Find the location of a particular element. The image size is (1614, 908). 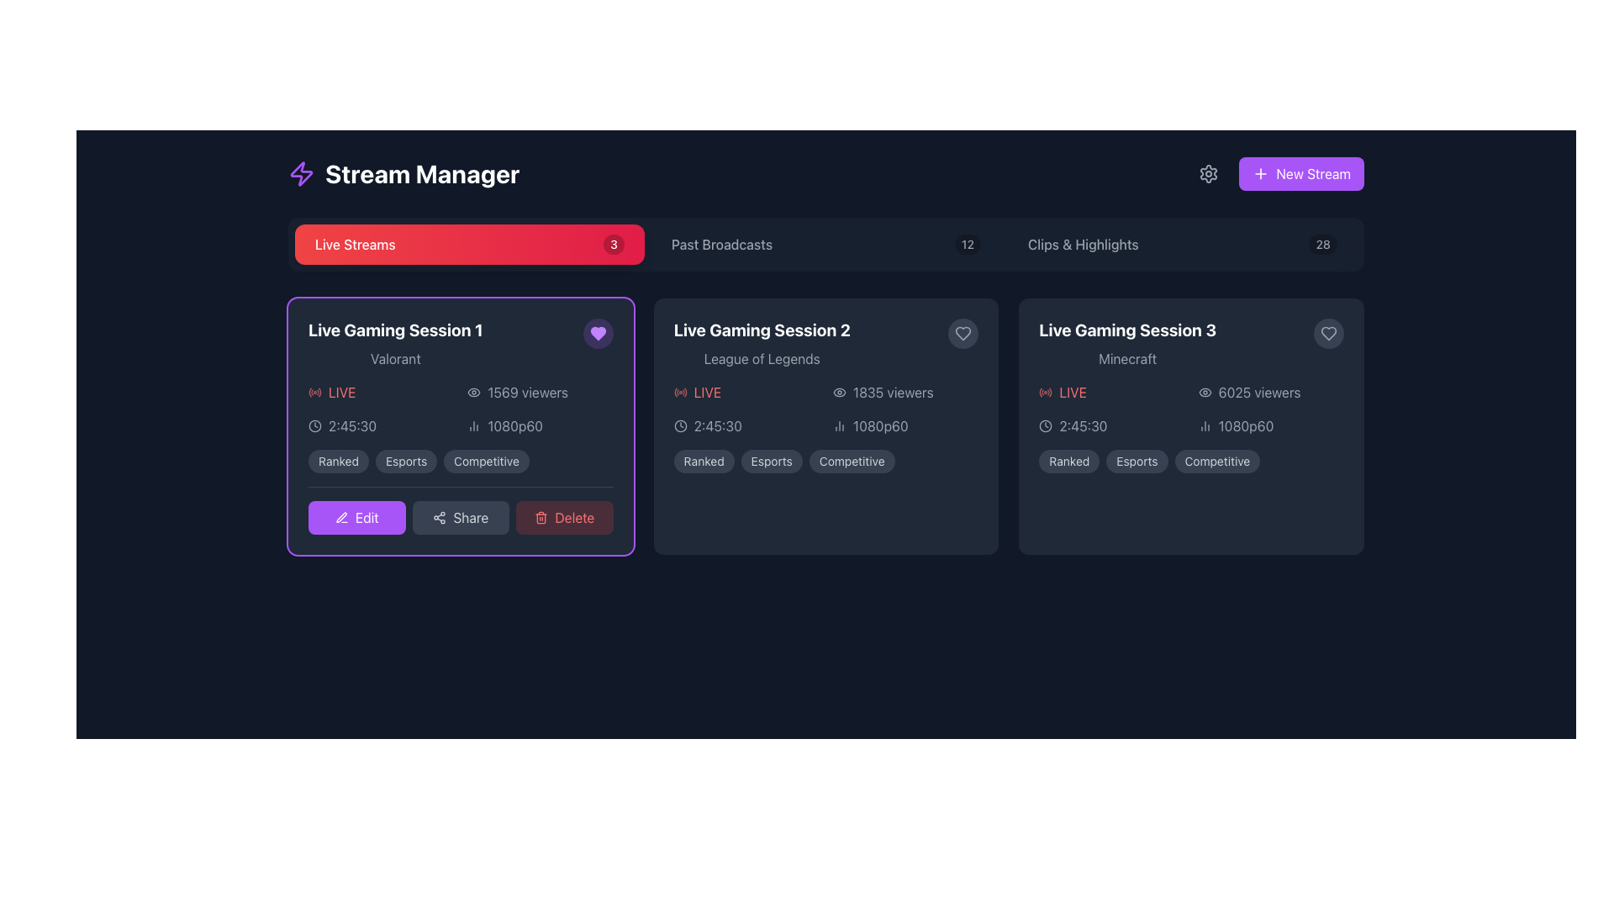

information displayed in the informational panel for the live broadcast titled 'Live Gaming Session 2 - League of Legends', located in the middle section of the grid layout is located at coordinates (826, 409).